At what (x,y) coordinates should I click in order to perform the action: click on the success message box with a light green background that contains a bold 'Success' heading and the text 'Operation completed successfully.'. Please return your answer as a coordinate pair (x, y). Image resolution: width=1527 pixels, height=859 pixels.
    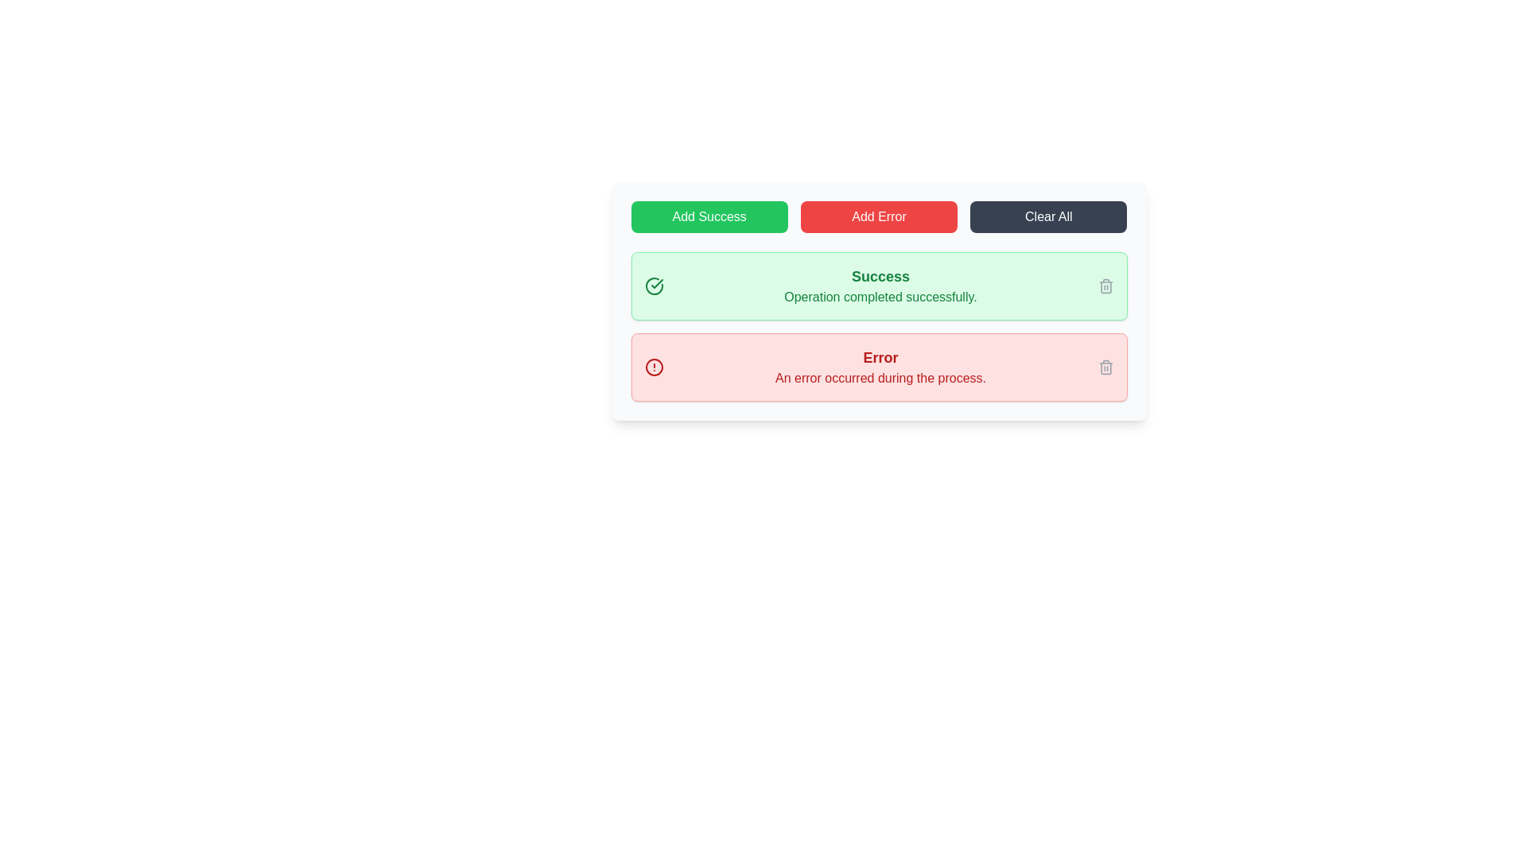
    Looking at the image, I should click on (878, 301).